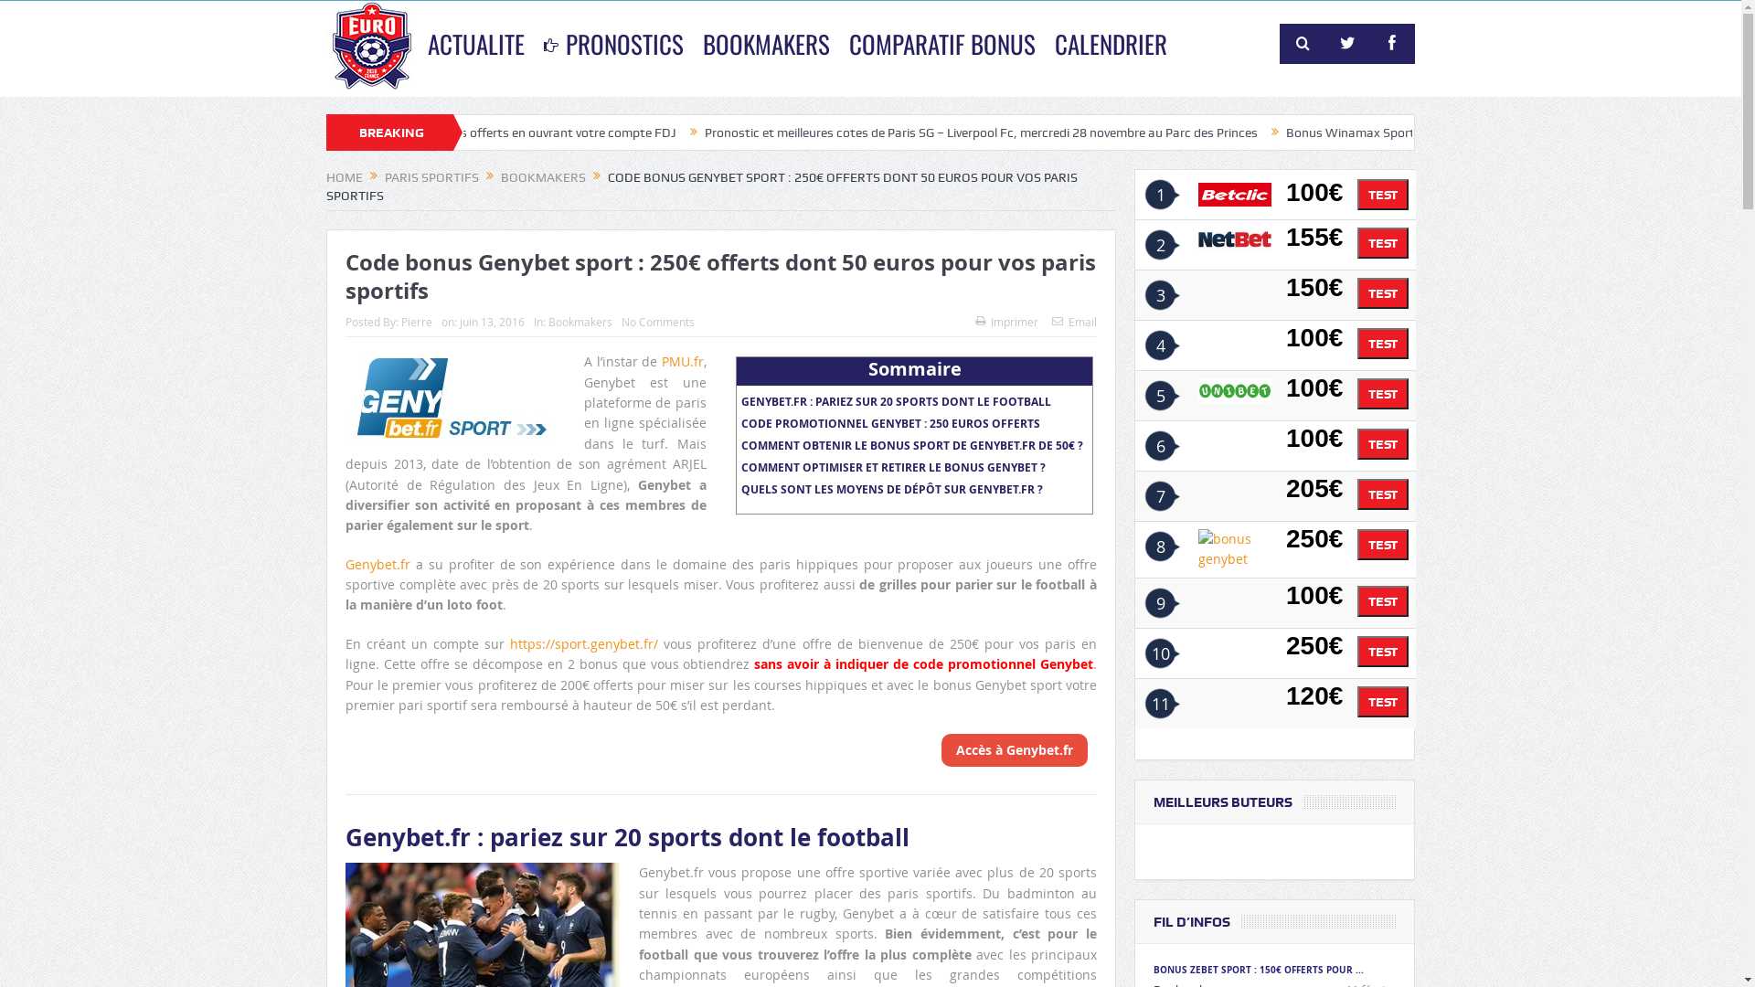 Image resolution: width=1755 pixels, height=987 pixels. I want to click on 'HOME', so click(345, 176).